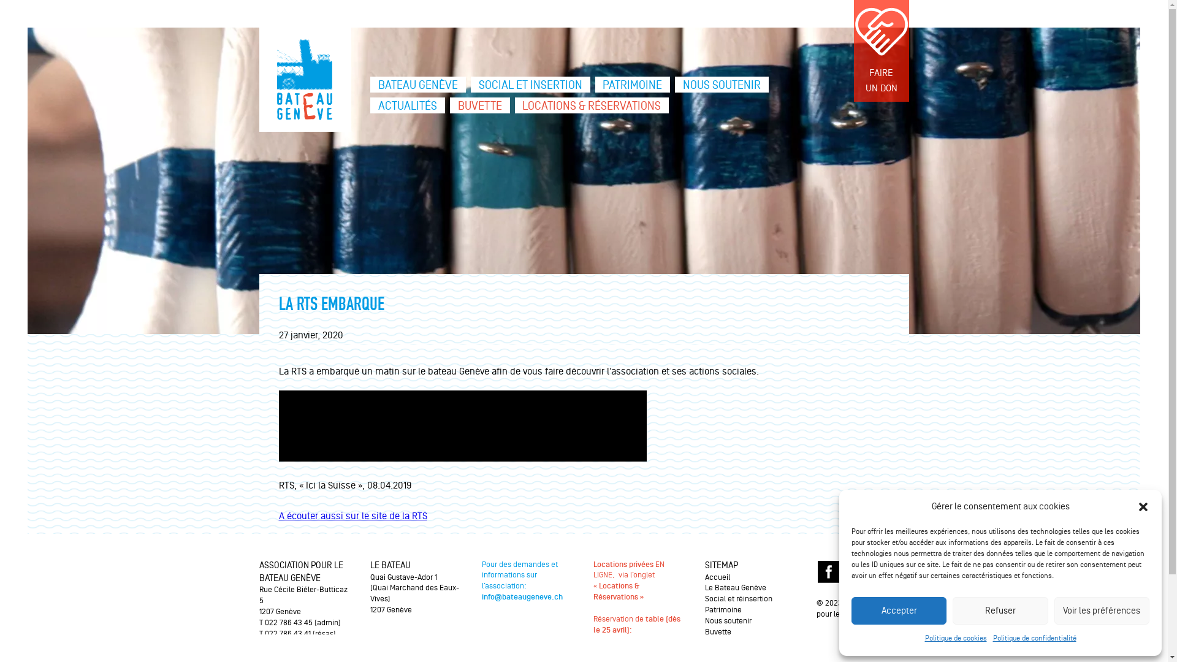  What do you see at coordinates (1000, 611) in the screenshot?
I see `'Refuser'` at bounding box center [1000, 611].